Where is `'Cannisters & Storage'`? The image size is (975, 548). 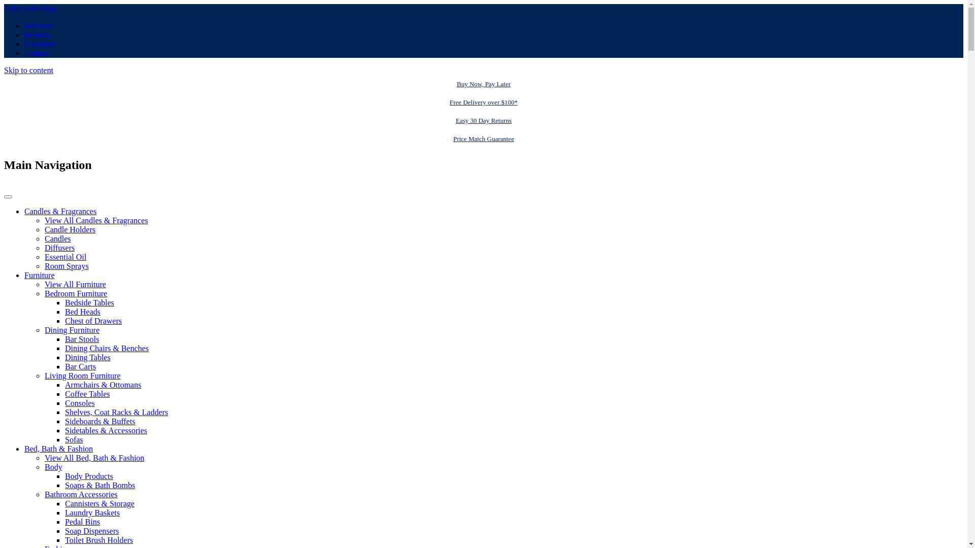
'Cannisters & Storage' is located at coordinates (100, 503).